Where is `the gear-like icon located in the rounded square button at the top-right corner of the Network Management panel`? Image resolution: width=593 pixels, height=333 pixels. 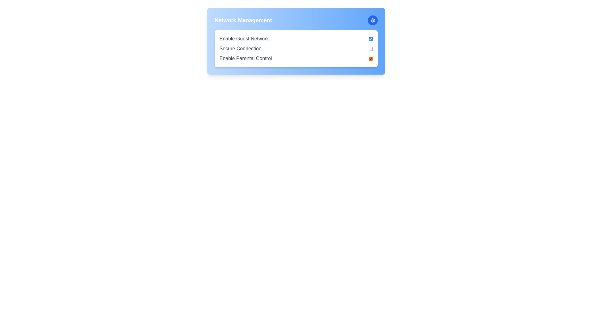
the gear-like icon located in the rounded square button at the top-right corner of the Network Management panel is located at coordinates (372, 20).